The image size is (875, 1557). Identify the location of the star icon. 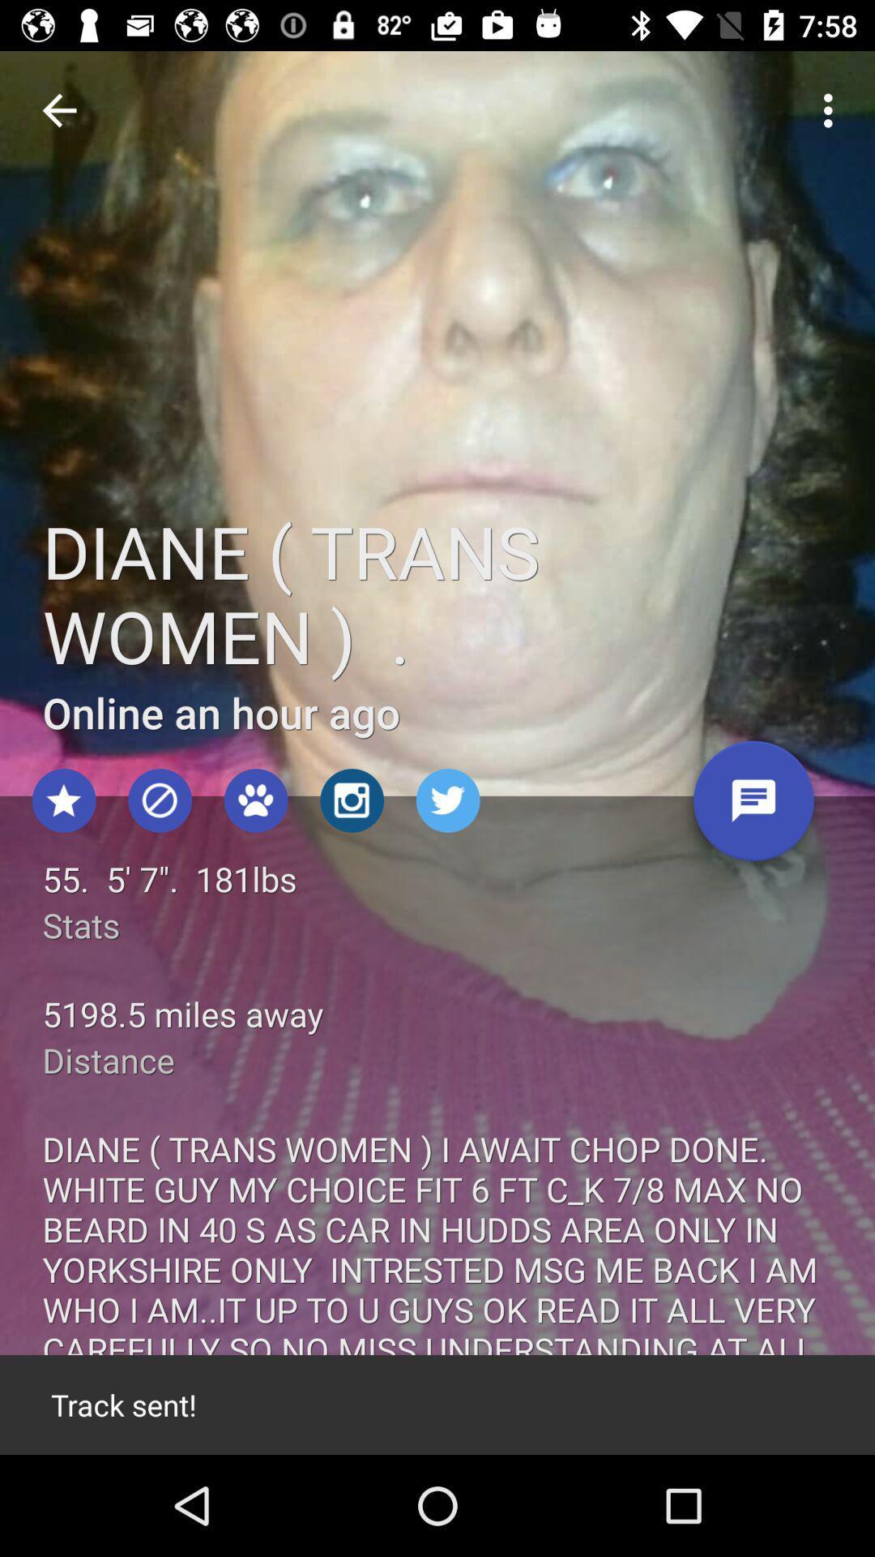
(63, 800).